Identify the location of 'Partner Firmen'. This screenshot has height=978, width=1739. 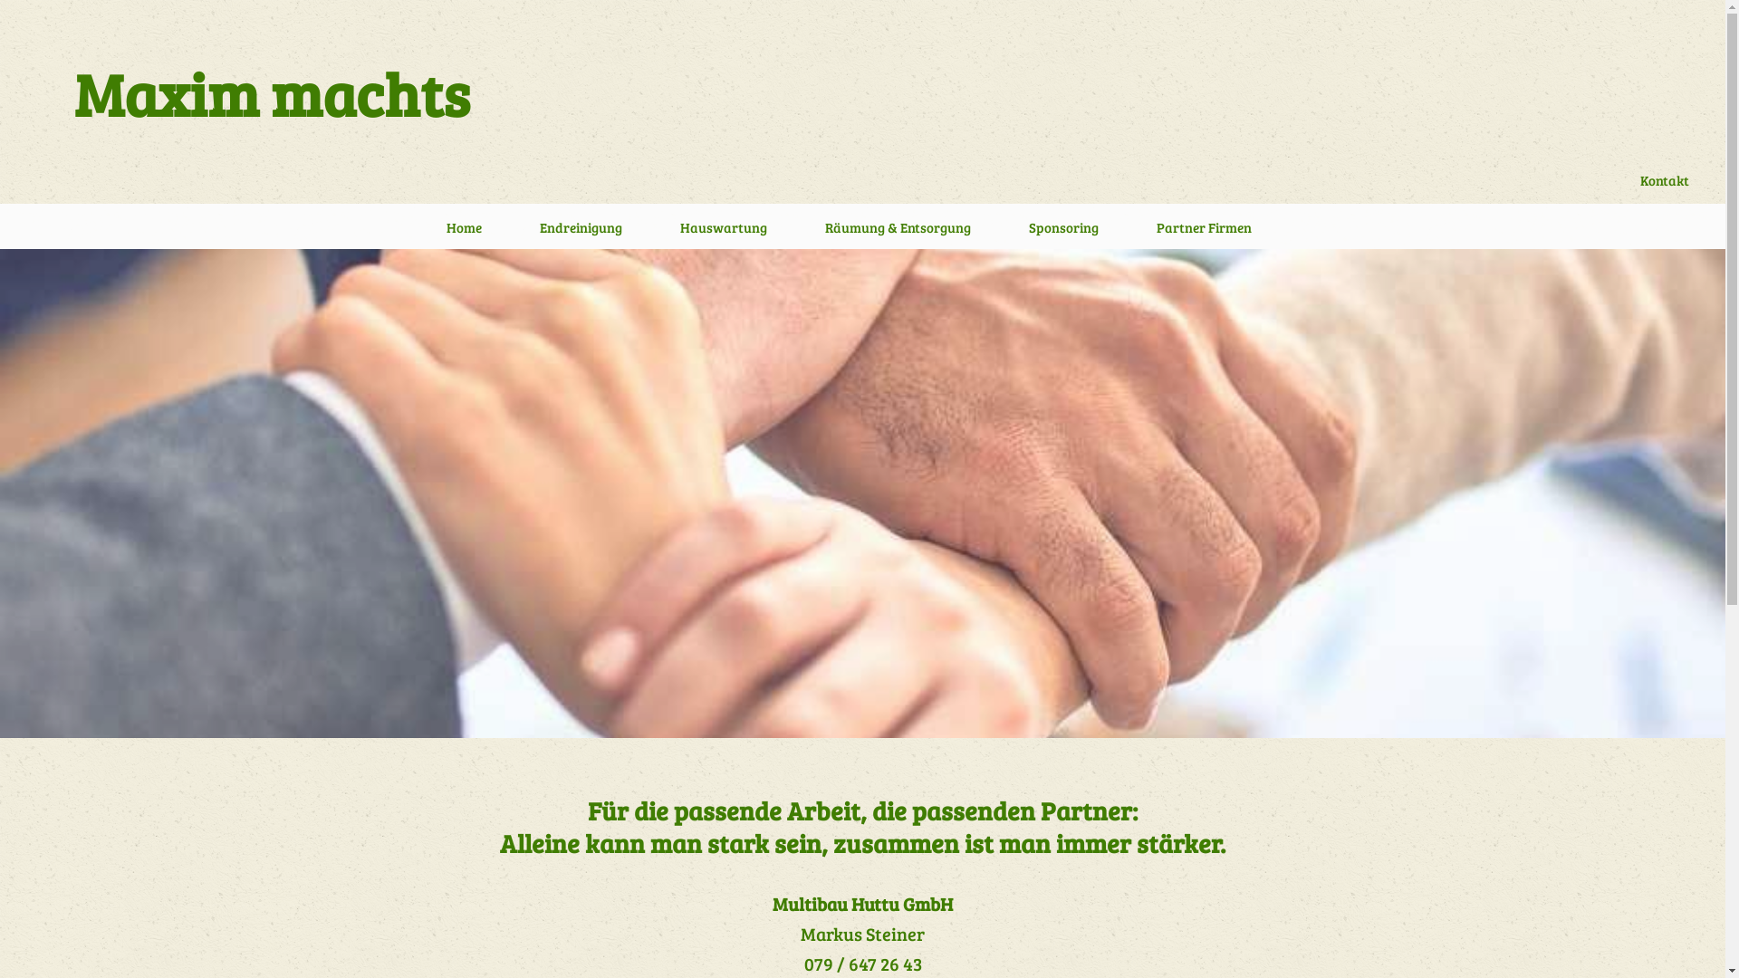
(1155, 230).